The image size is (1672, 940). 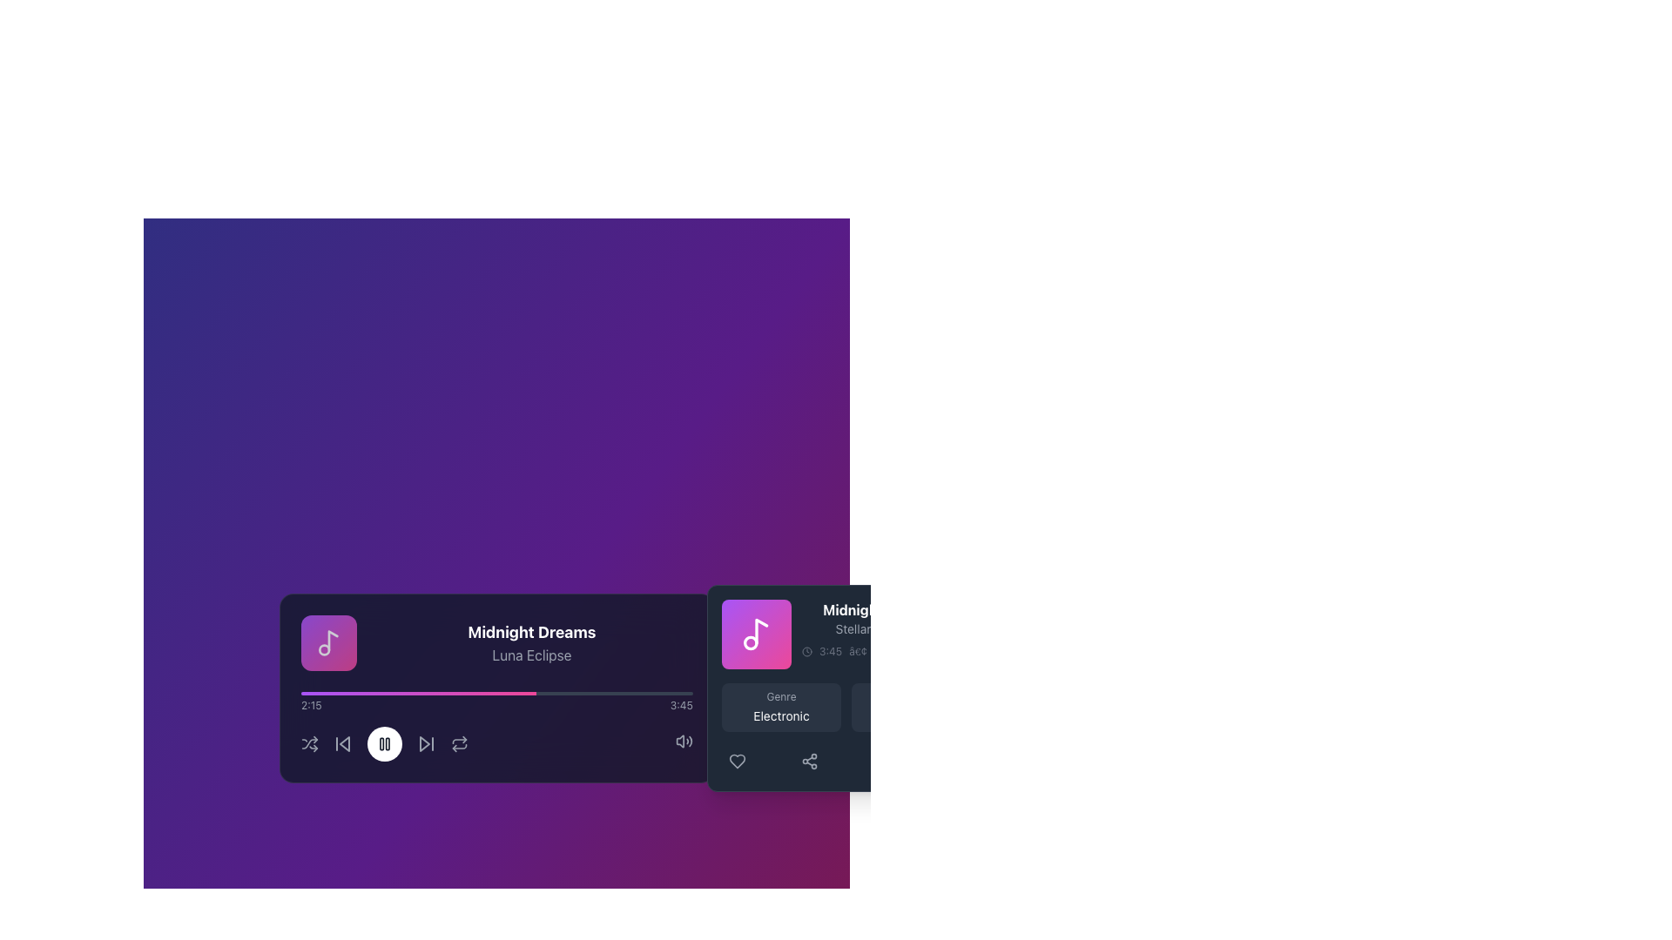 What do you see at coordinates (750, 643) in the screenshot?
I see `the SVG circle element within the music icon for possible interactions` at bounding box center [750, 643].